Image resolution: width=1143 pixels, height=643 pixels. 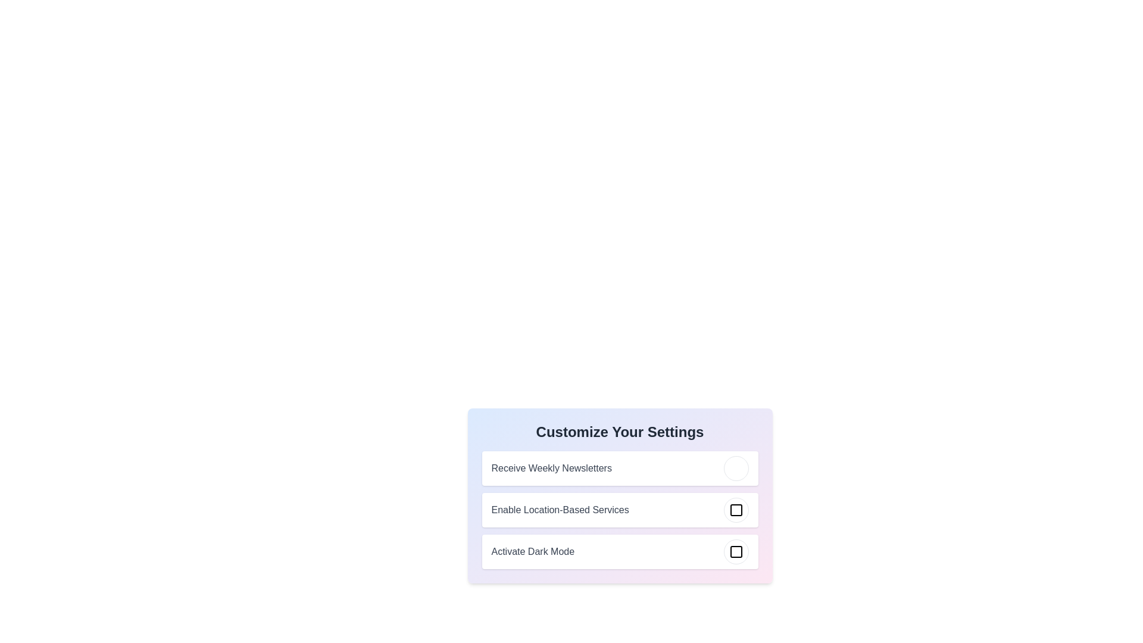 I want to click on the text label displaying 'Receive Weekly Newsletters', which is styled in gray and is the first setting option in a vertical list of settings, so click(x=551, y=467).